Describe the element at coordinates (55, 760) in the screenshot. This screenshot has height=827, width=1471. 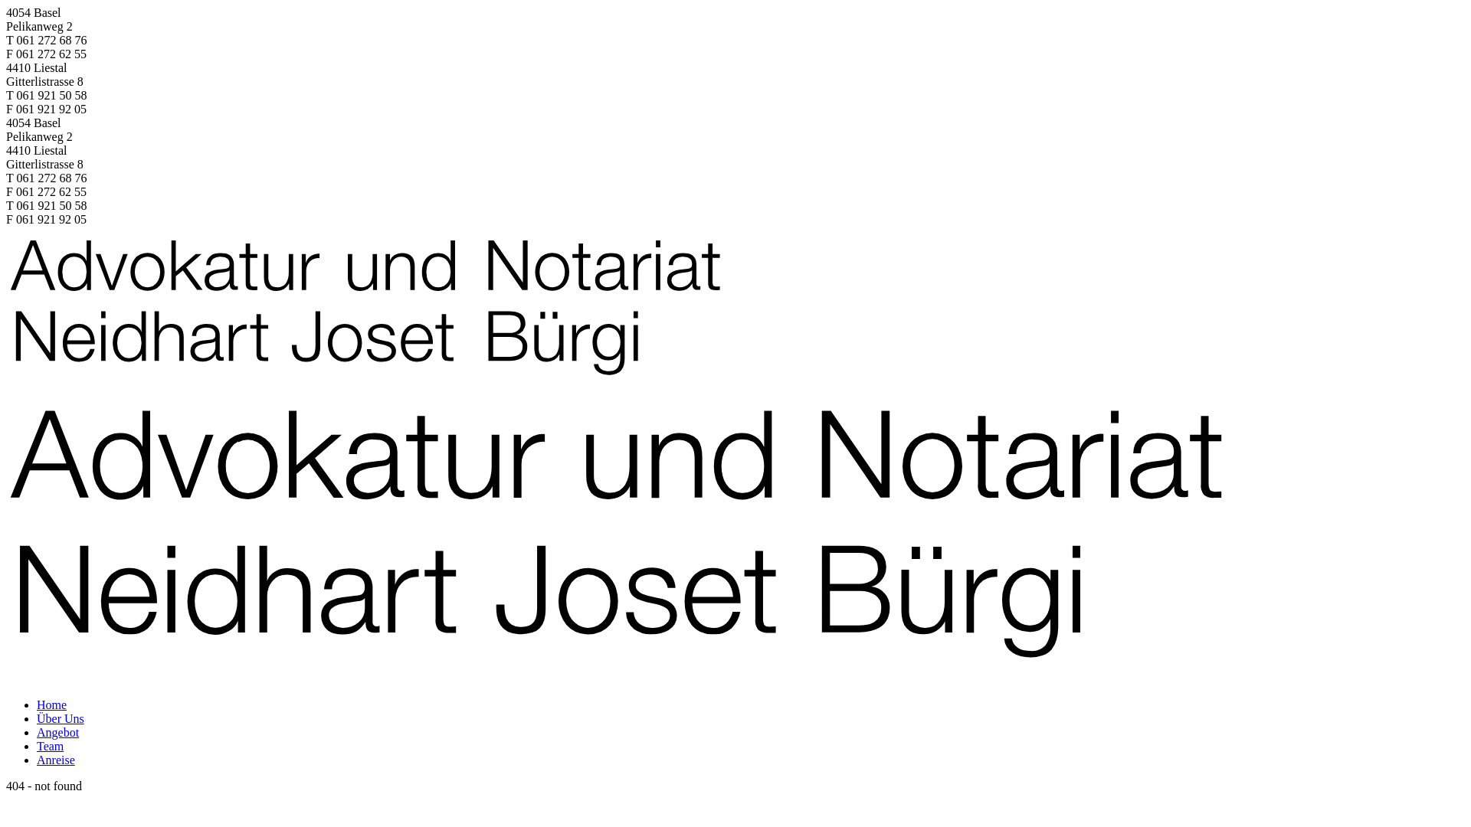
I see `'Anreise'` at that location.